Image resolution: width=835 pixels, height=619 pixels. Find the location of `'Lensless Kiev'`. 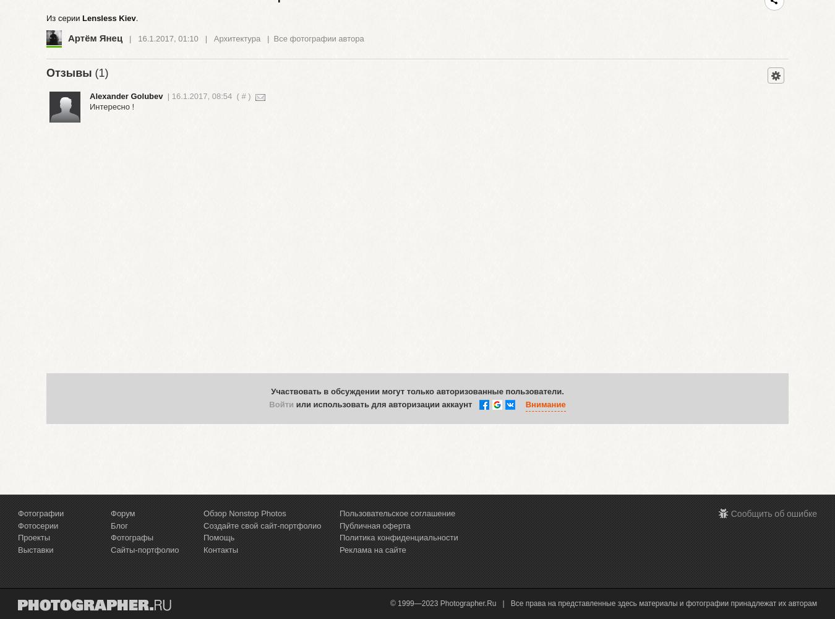

'Lensless Kiev' is located at coordinates (82, 18).